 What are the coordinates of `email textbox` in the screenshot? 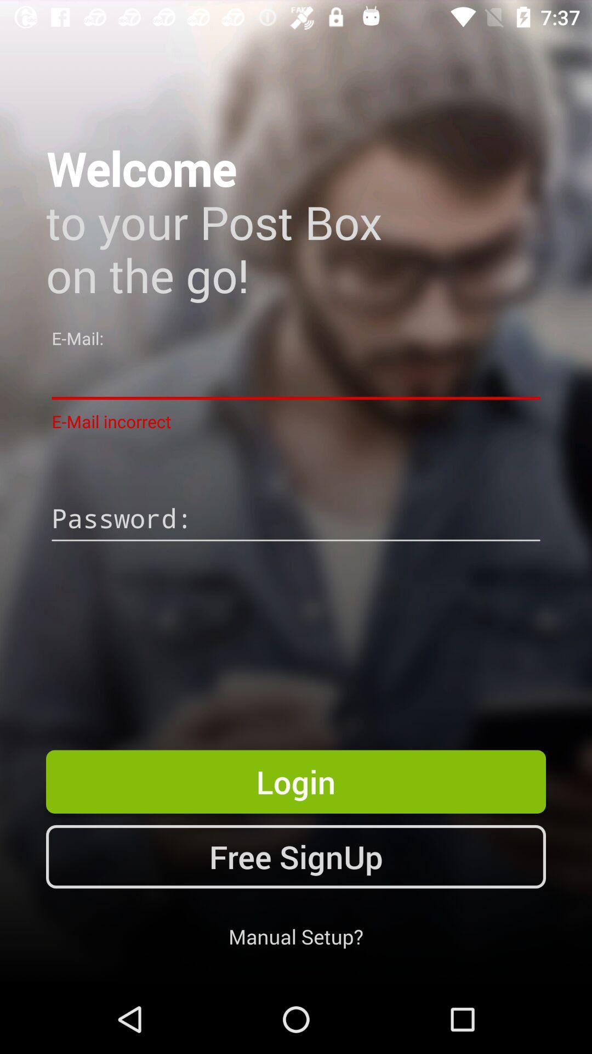 It's located at (296, 377).